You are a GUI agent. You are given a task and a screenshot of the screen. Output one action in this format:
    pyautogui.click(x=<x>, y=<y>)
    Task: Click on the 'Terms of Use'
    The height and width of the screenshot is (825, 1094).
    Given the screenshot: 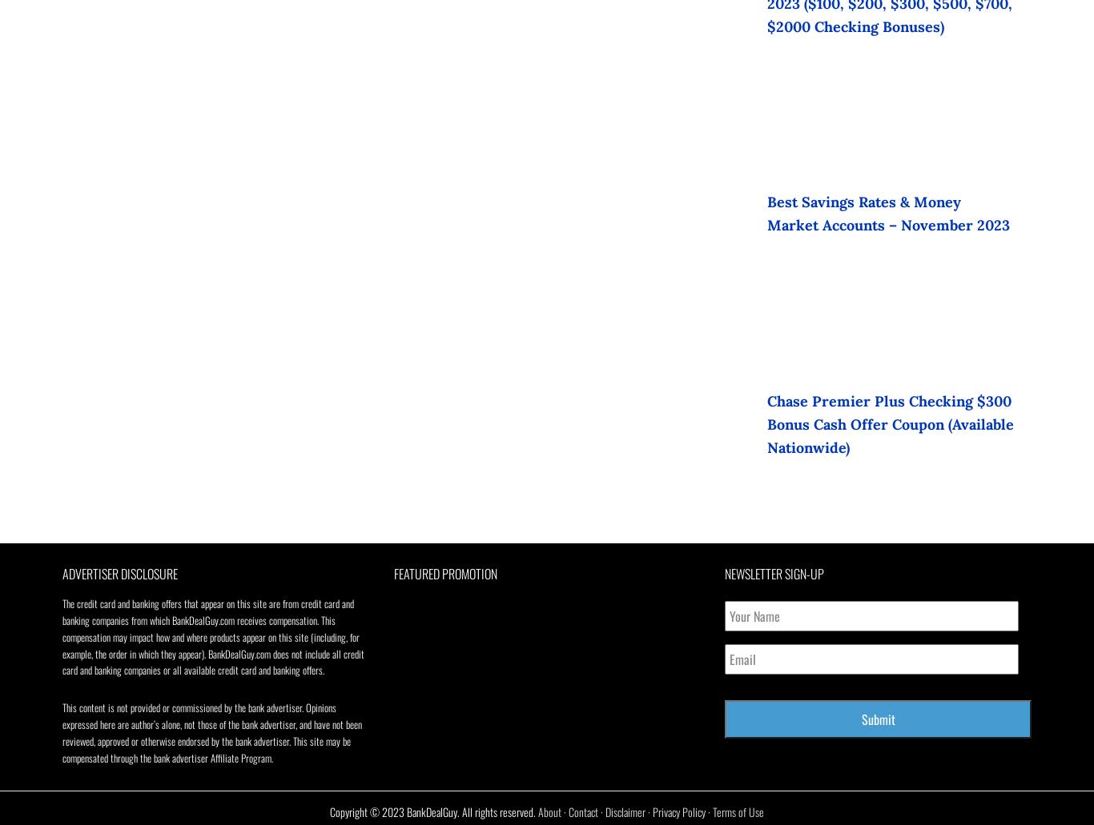 What is the action you would take?
    pyautogui.click(x=711, y=811)
    